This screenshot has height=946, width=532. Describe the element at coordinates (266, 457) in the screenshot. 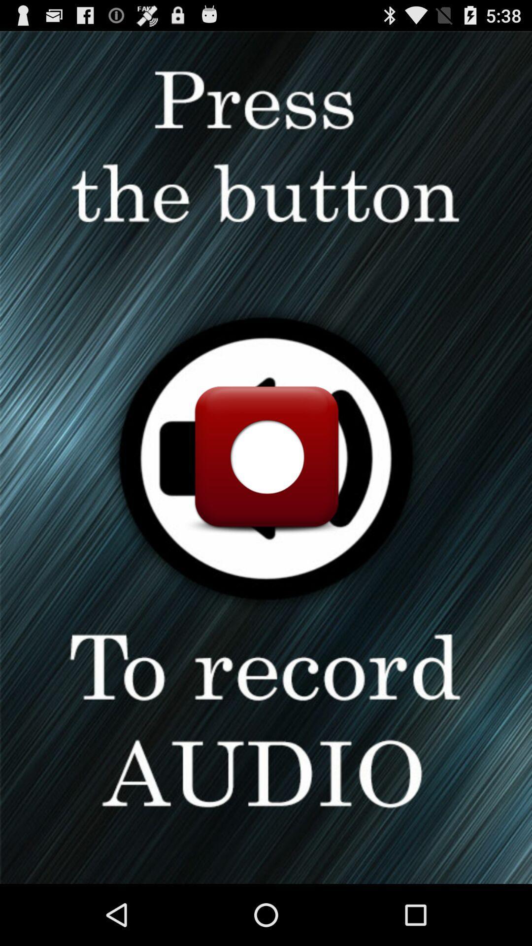

I see `press button to record audio` at that location.